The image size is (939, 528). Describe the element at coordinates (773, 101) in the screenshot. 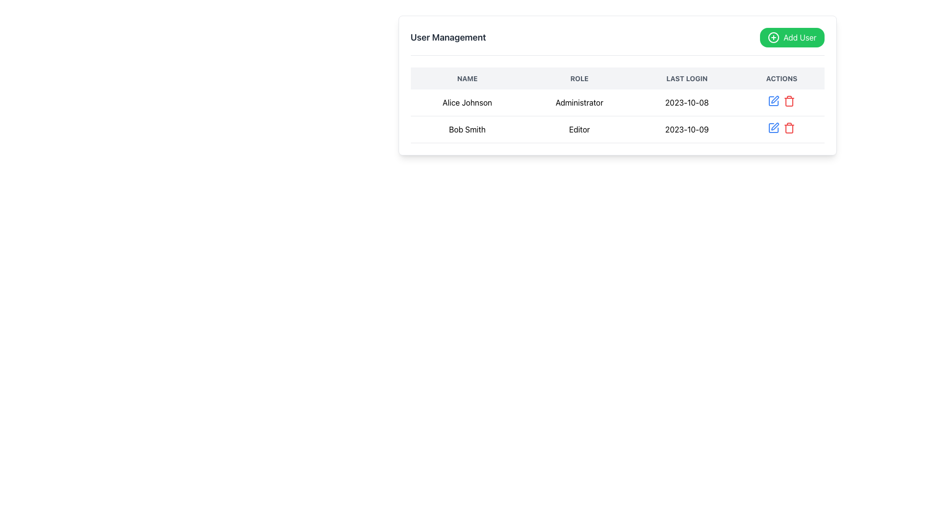

I see `the edit button located in the 'Actions' column of the table row containing 'Alice Johnson' to initiate editing` at that location.